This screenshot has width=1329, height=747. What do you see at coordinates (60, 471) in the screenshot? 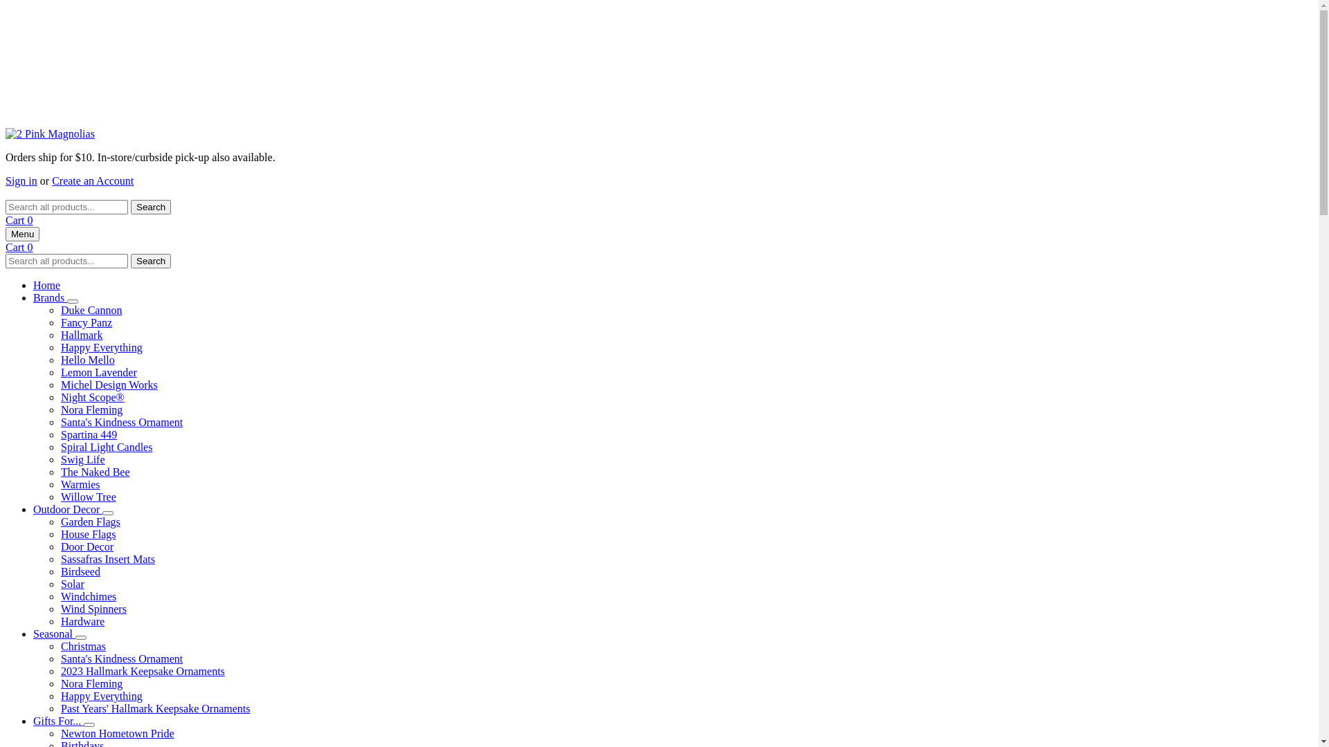
I see `'The Naked Bee'` at bounding box center [60, 471].